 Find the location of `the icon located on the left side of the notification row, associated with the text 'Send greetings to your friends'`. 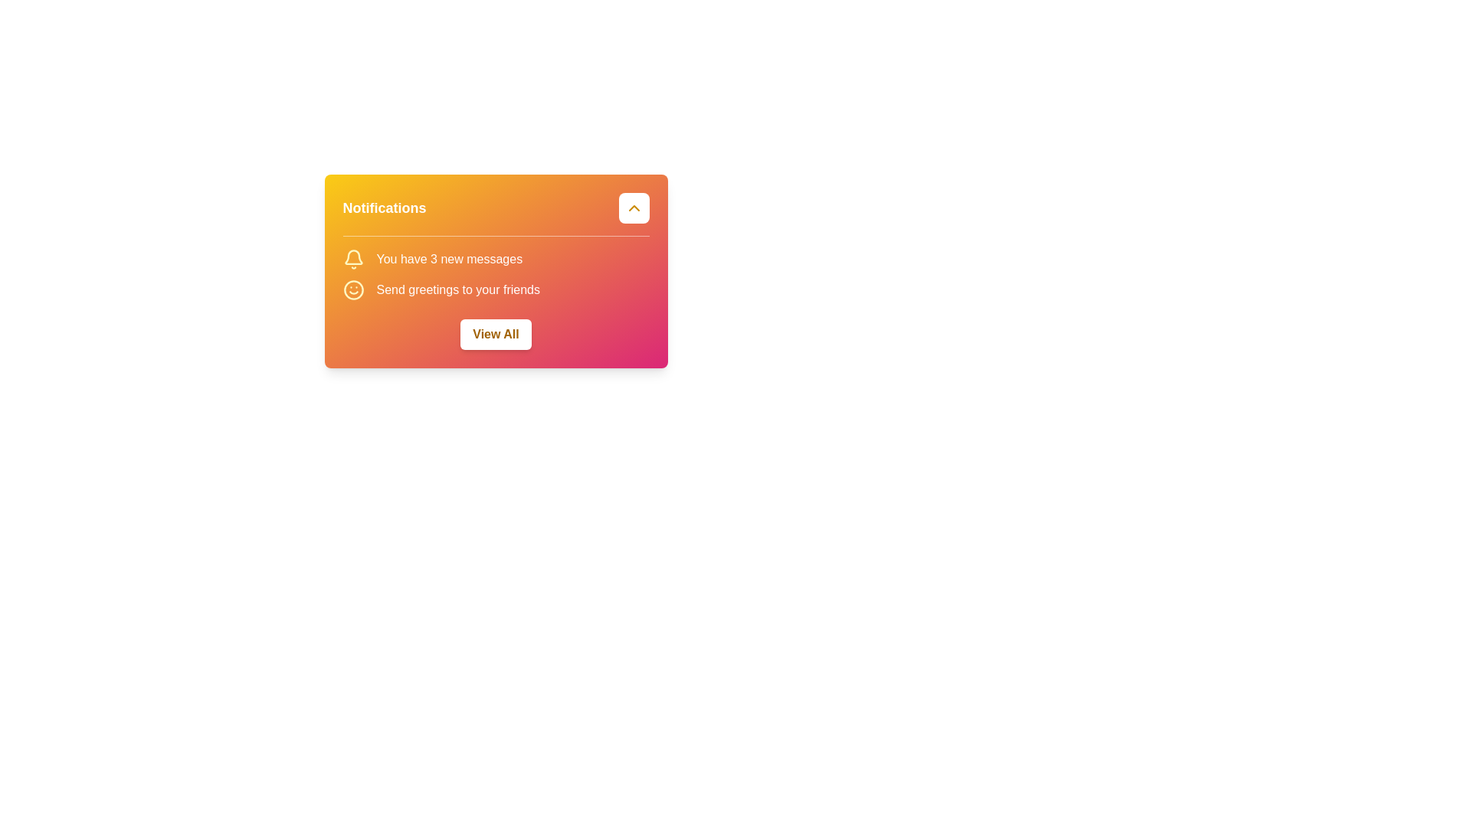

the icon located on the left side of the notification row, associated with the text 'Send greetings to your friends' is located at coordinates (352, 289).